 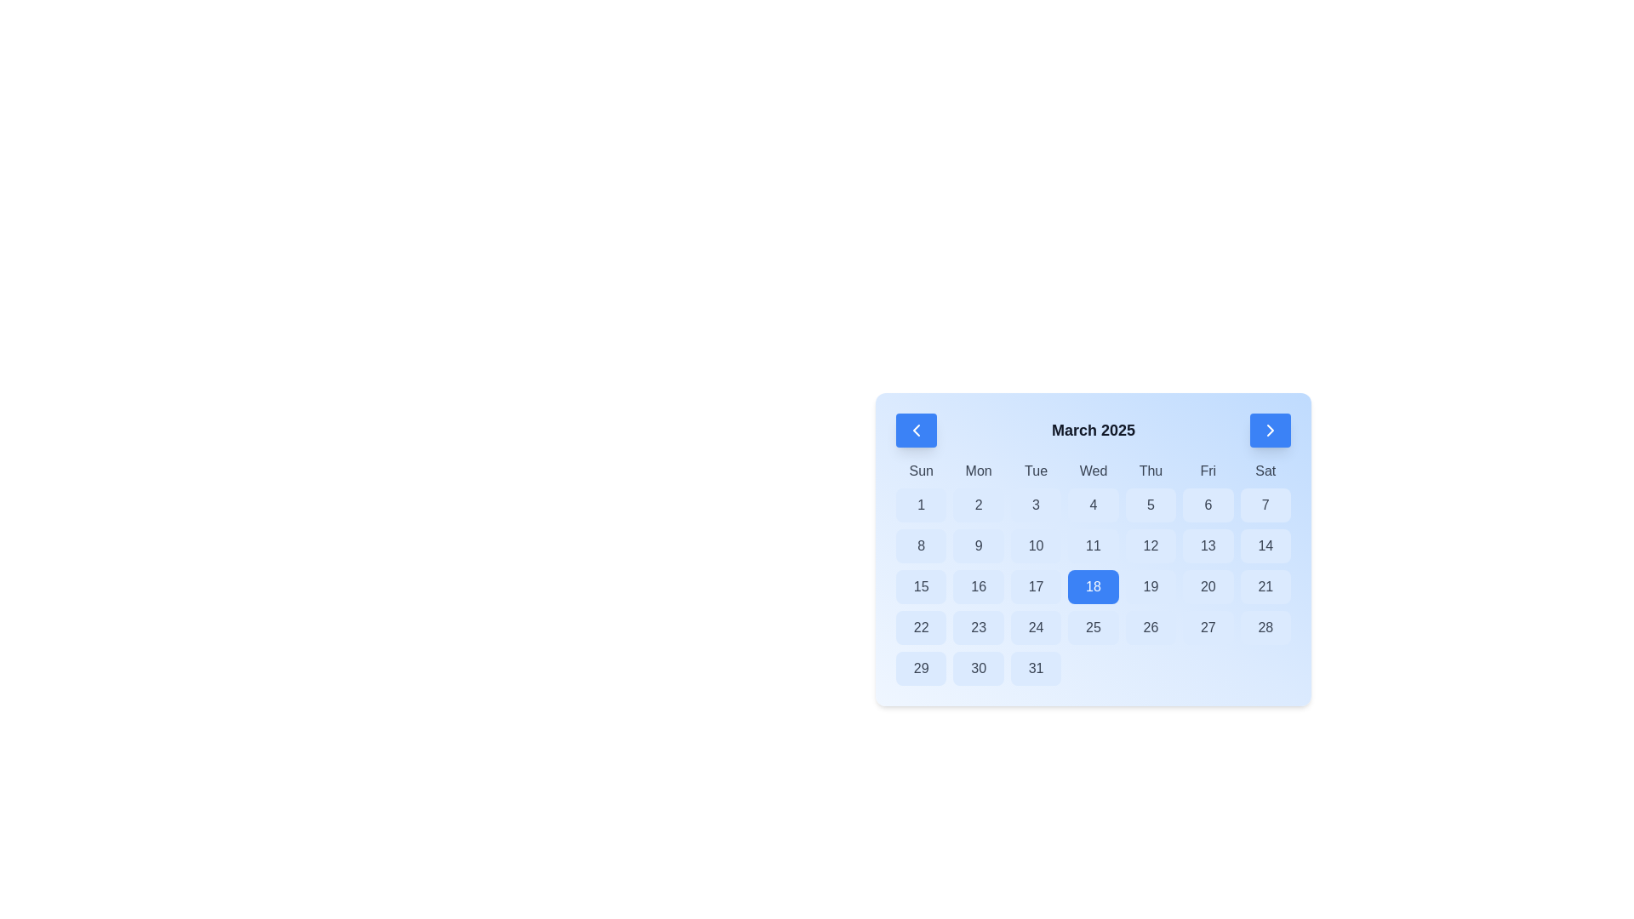 I want to click on the right-facing chevron icon within the blue square button at the top-right corner of the calendar interface, so click(x=1270, y=429).